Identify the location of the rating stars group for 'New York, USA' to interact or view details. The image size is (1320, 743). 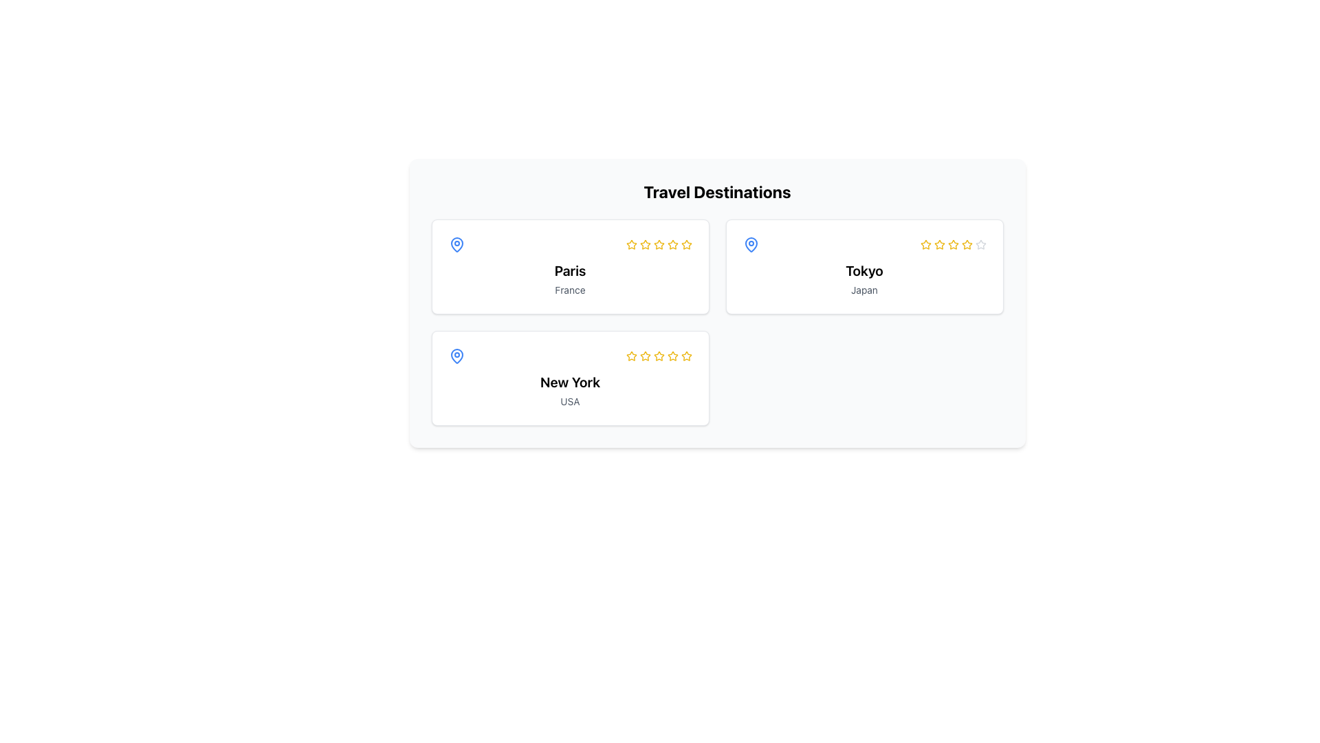
(658, 355).